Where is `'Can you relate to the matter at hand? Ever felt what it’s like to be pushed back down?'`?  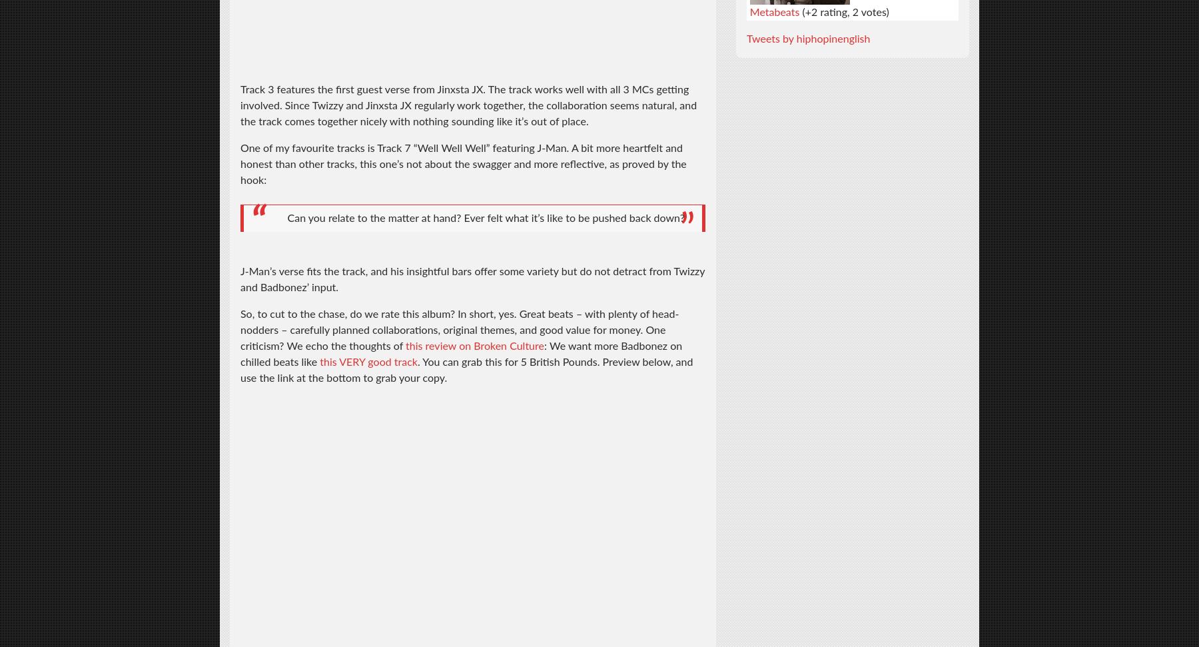 'Can you relate to the matter at hand? Ever felt what it’s like to be pushed back down?' is located at coordinates (485, 218).